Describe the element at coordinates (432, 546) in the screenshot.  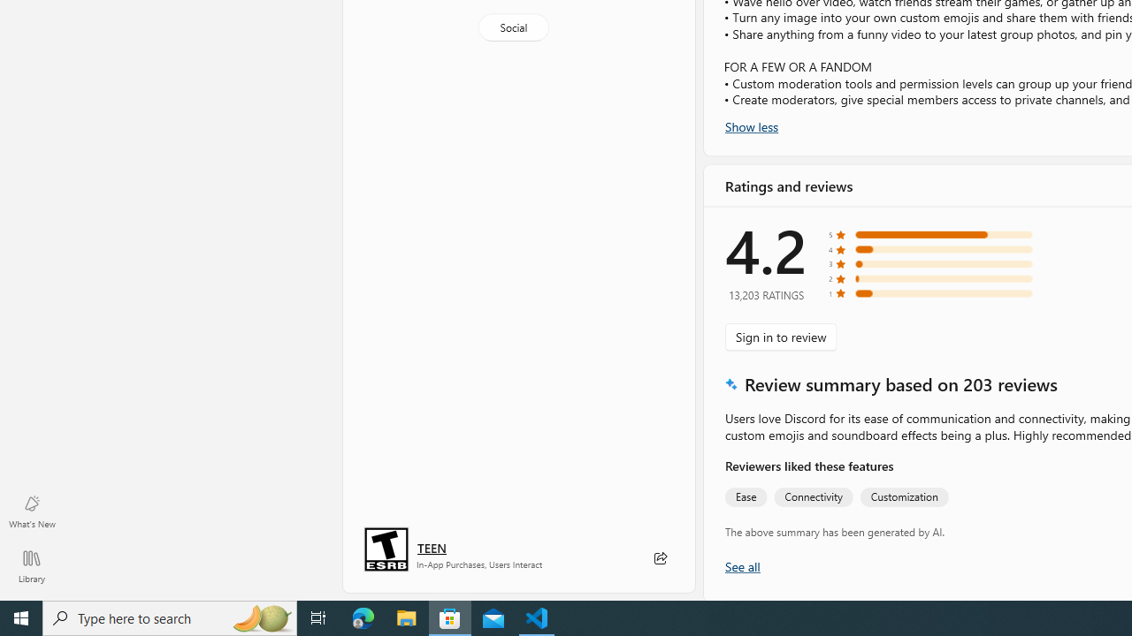
I see `'Age rating: TEEN. Click for more information.'` at that location.